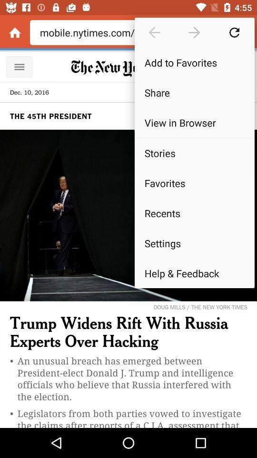 This screenshot has width=257, height=458. What do you see at coordinates (194, 93) in the screenshot?
I see `item above view in browser` at bounding box center [194, 93].